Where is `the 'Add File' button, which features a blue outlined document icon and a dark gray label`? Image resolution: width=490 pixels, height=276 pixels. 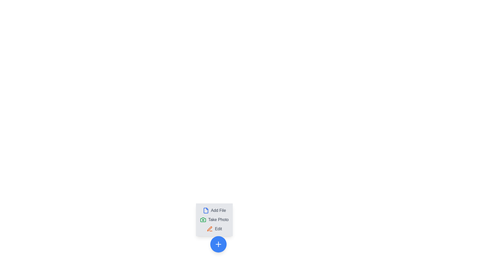
the 'Add File' button, which features a blue outlined document icon and a dark gray label is located at coordinates (214, 211).